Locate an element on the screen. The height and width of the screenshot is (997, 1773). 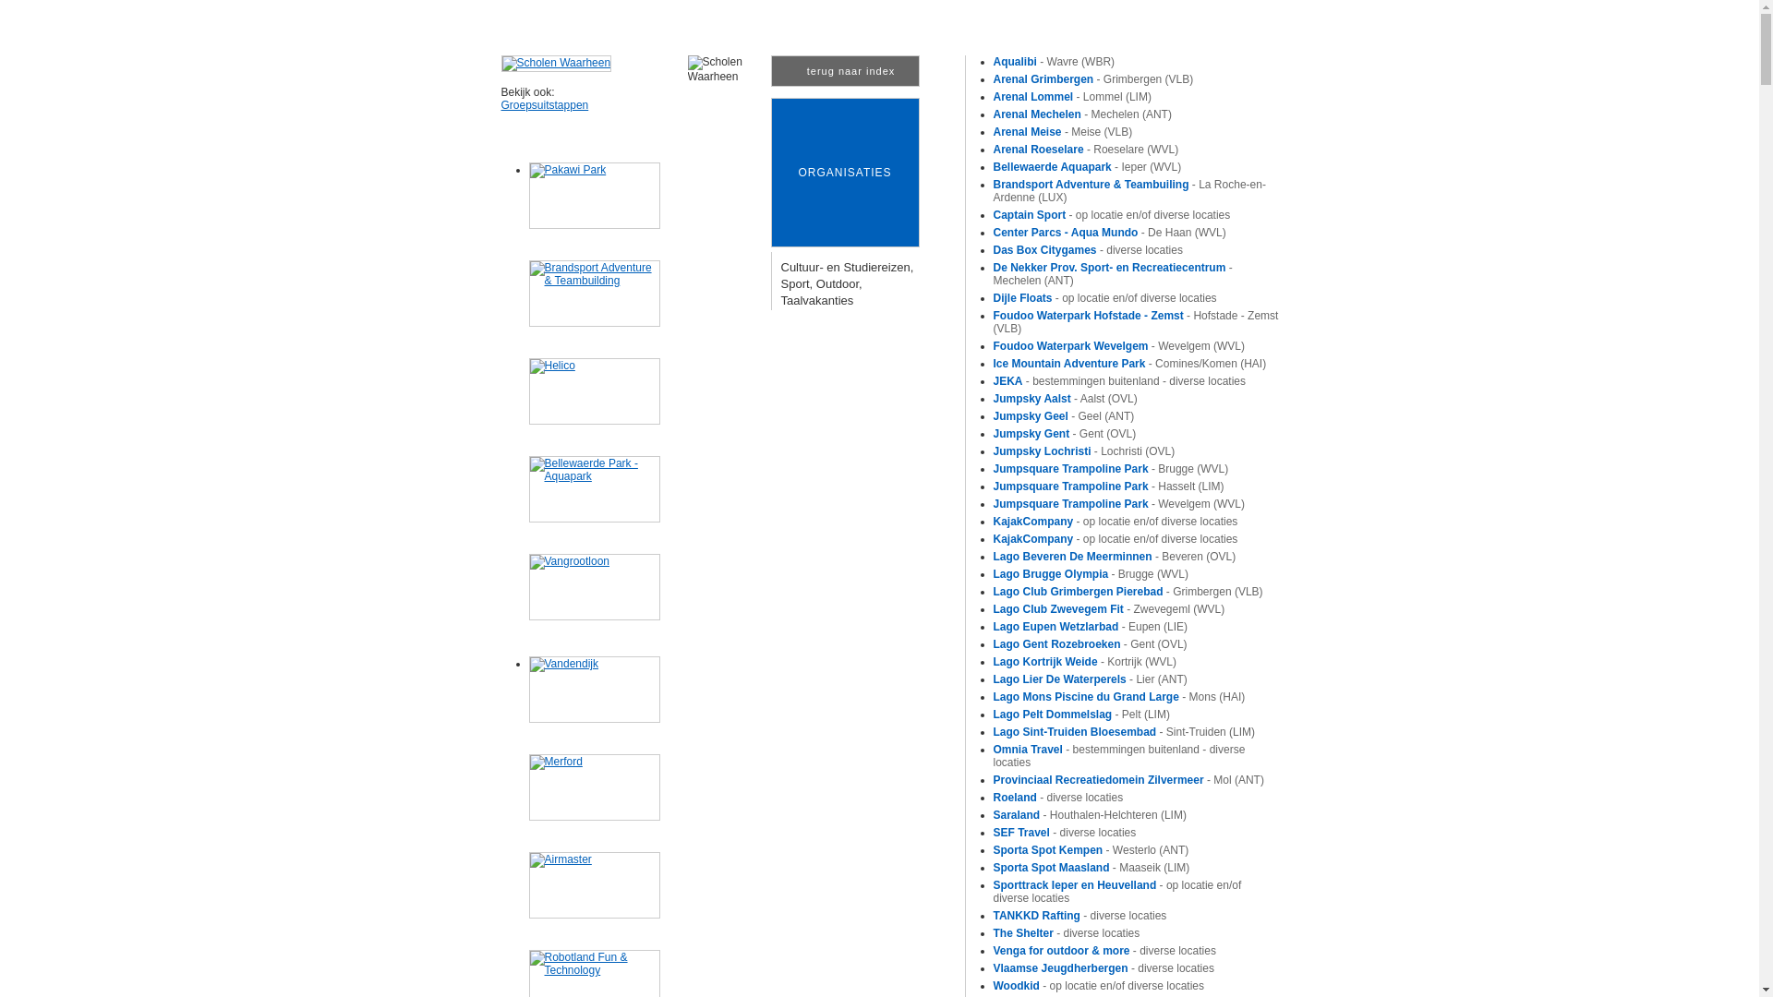
'Helico' is located at coordinates (594, 390).